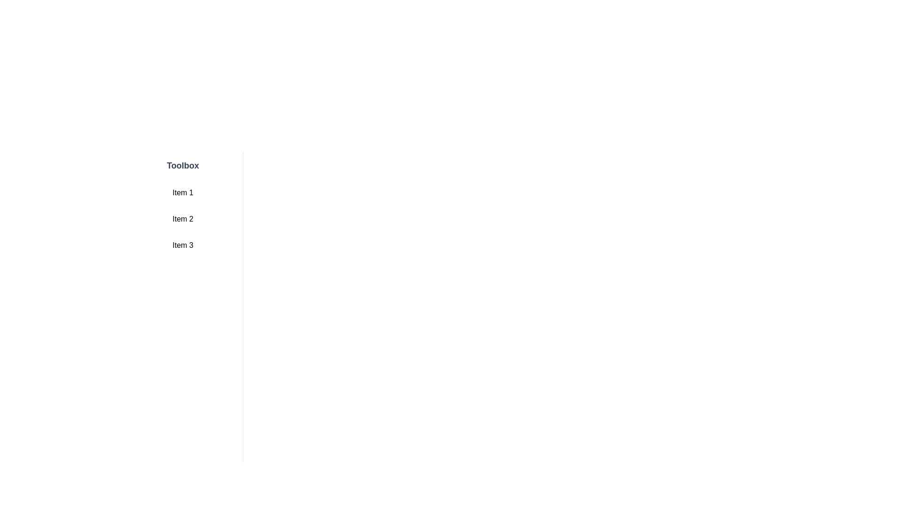 This screenshot has width=902, height=507. I want to click on the 'Toolbox' label, which is a bold, large gray text element located at the top of a vertical menu on the left side of the interface, so click(183, 165).